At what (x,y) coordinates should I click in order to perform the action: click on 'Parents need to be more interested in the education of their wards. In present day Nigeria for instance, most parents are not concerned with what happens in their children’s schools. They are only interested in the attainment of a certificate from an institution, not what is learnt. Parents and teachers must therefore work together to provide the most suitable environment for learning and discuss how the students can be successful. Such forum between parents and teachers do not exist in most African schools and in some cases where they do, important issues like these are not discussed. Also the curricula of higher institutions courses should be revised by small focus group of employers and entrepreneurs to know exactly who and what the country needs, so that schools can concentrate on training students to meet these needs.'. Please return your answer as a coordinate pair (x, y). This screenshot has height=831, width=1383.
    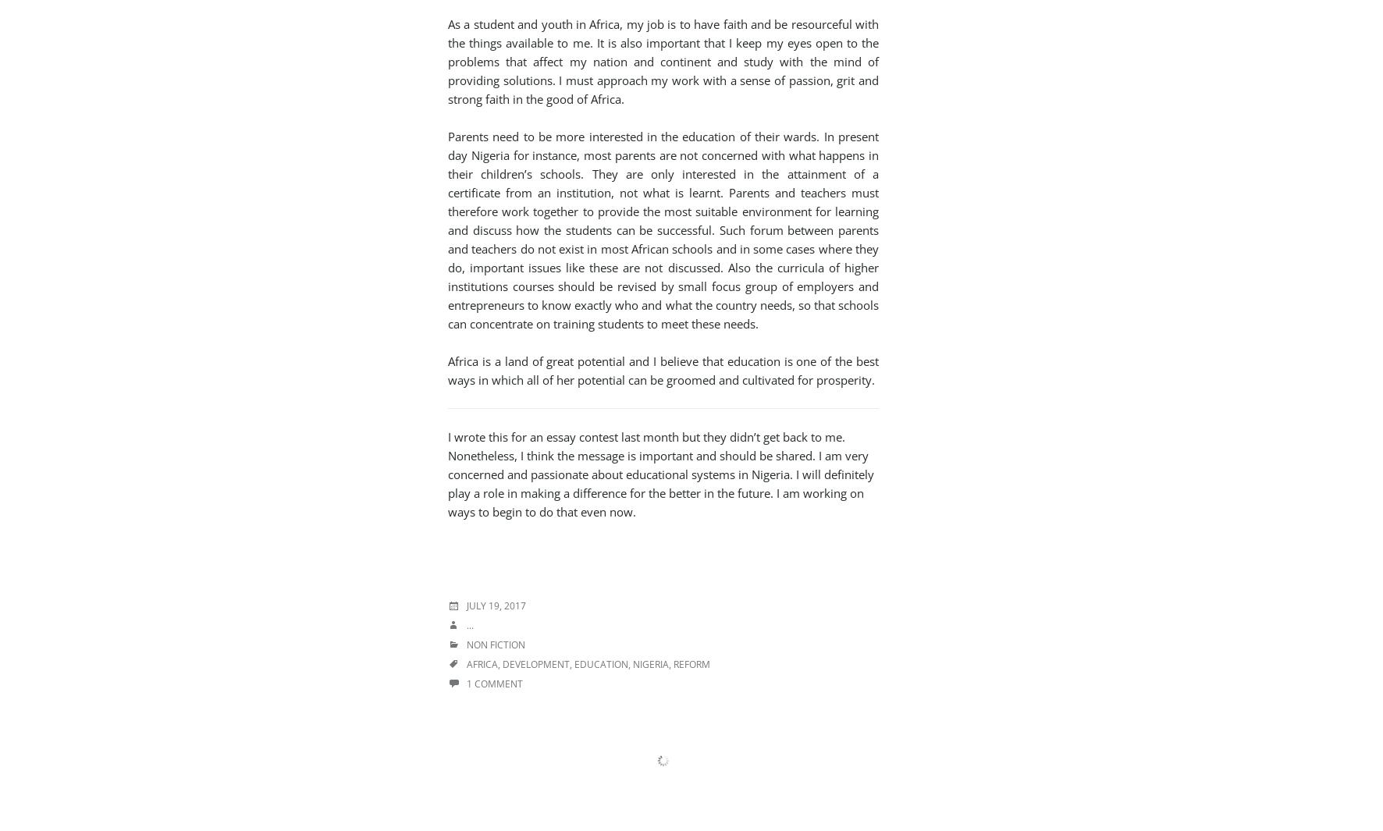
    Looking at the image, I should click on (663, 229).